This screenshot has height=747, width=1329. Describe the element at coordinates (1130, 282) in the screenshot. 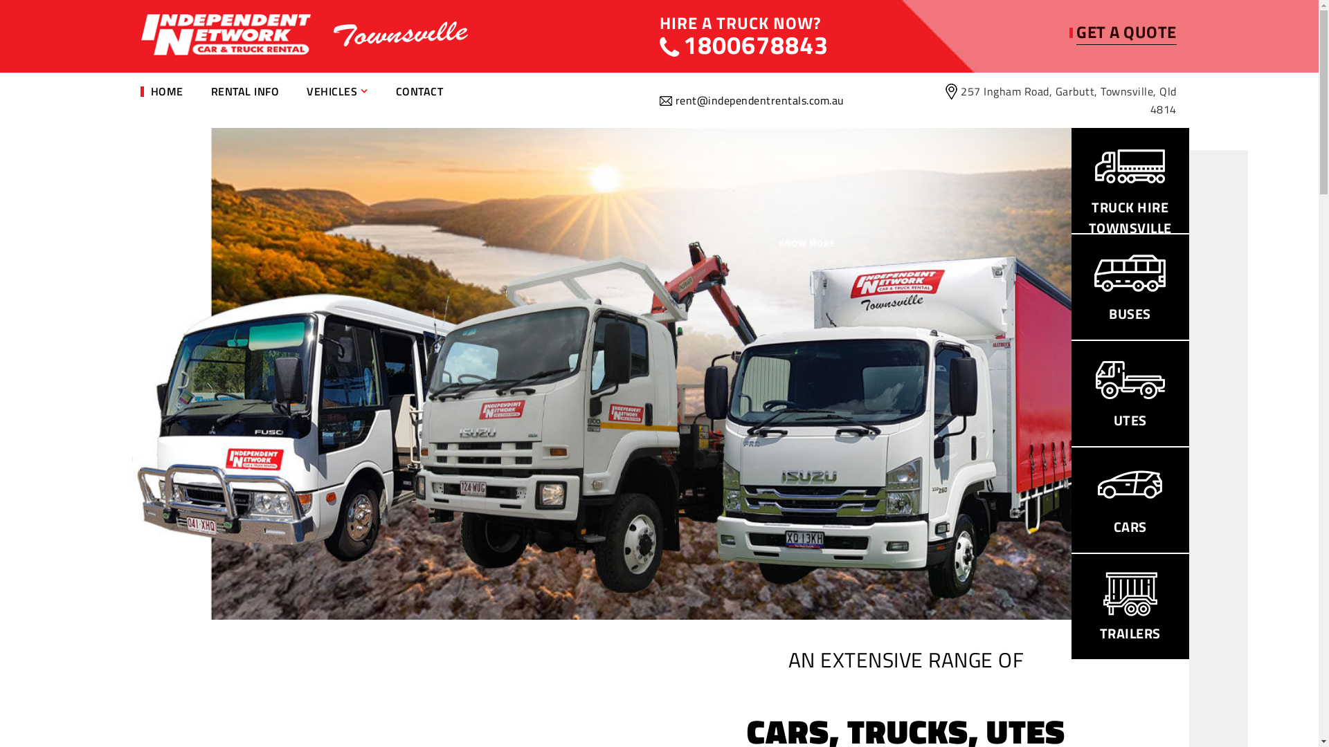

I see `'BUSES'` at that location.